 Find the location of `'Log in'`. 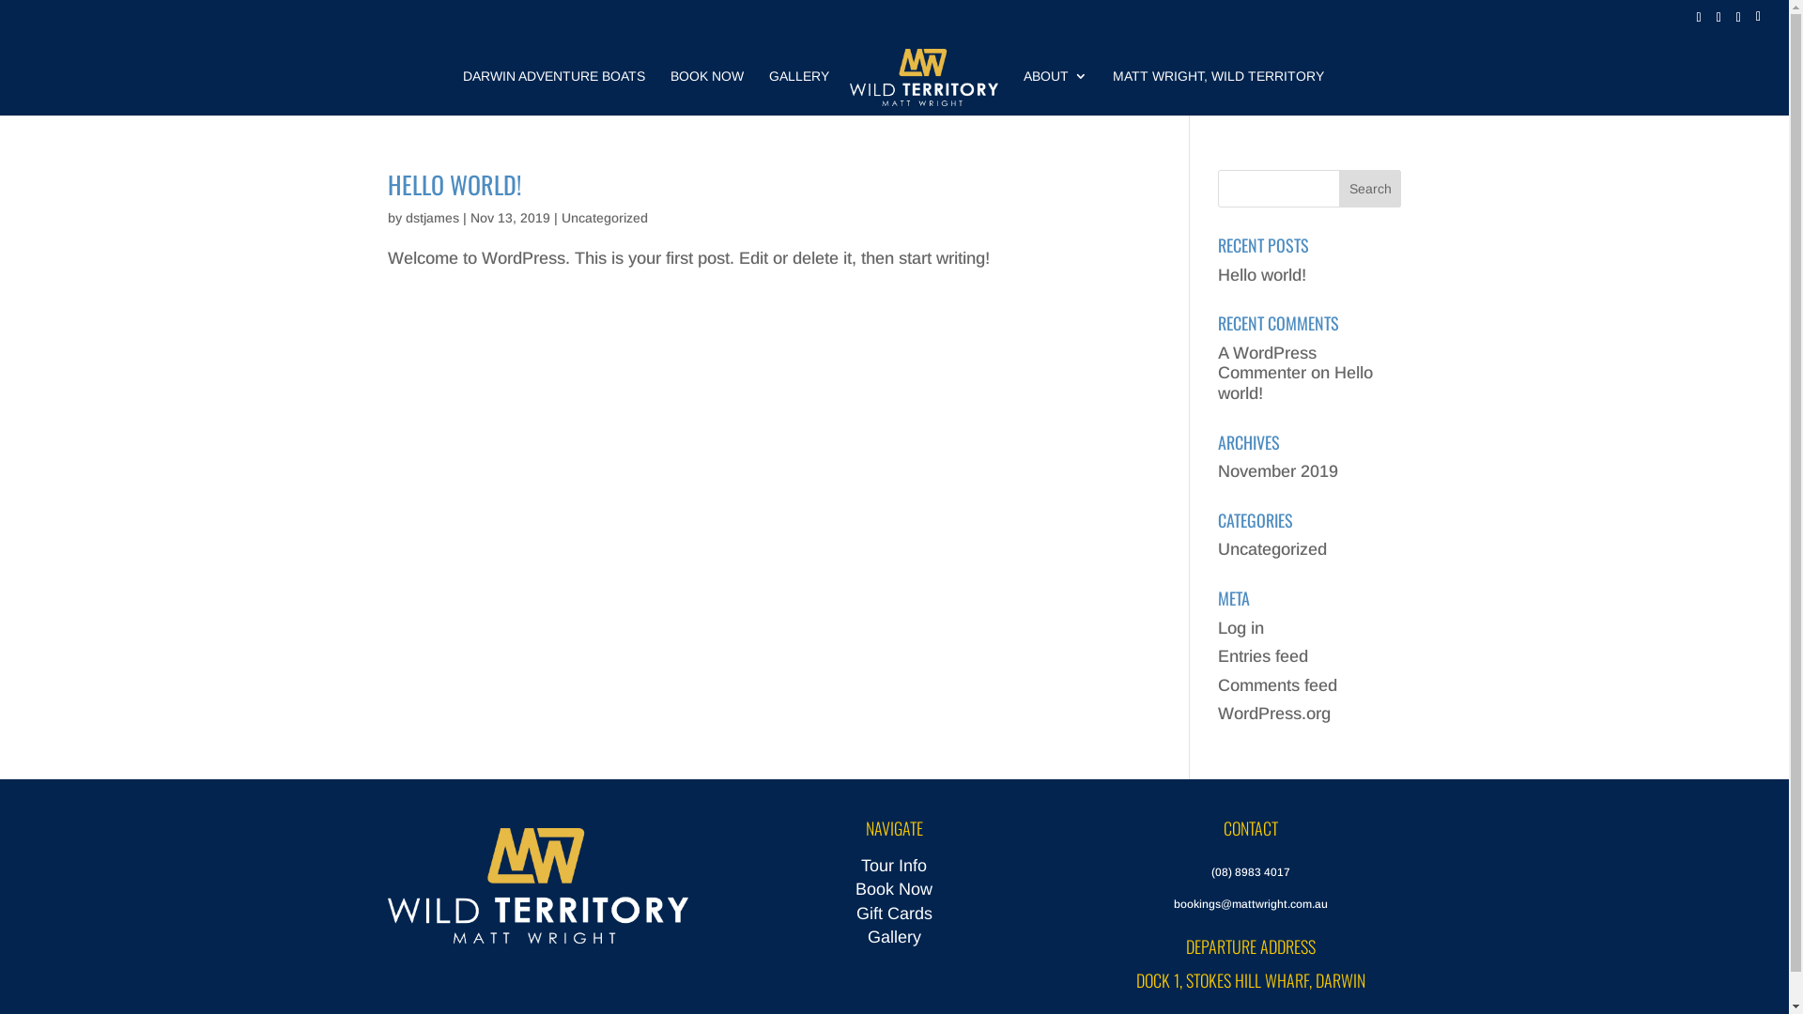

'Log in' is located at coordinates (1241, 627).